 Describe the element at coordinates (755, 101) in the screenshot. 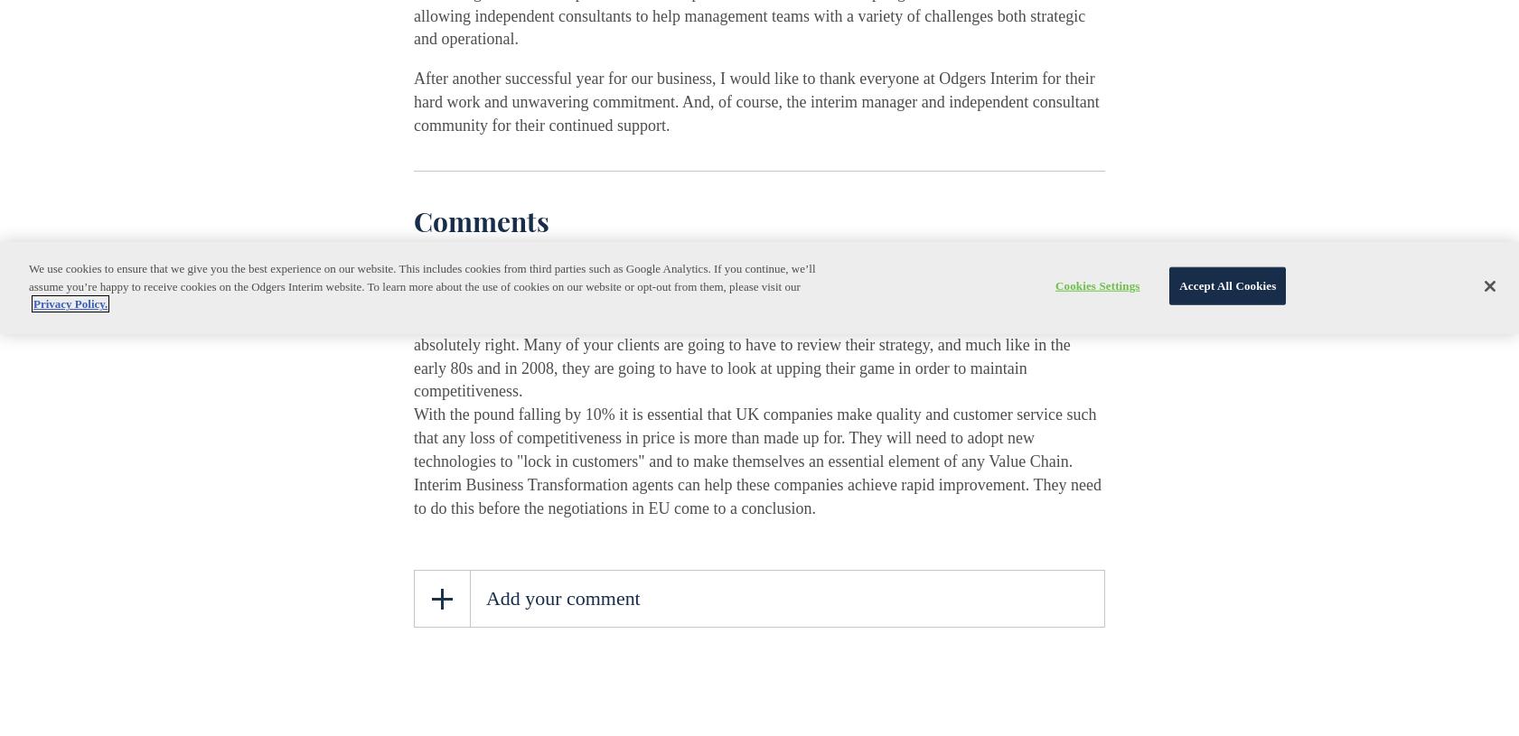

I see `'After another successful year for our business, I would like to thank everyone at Odgers Interim for their hard work and unwavering commitment. And, of course, the interim manager and independent consultant community for their continued support.'` at that location.